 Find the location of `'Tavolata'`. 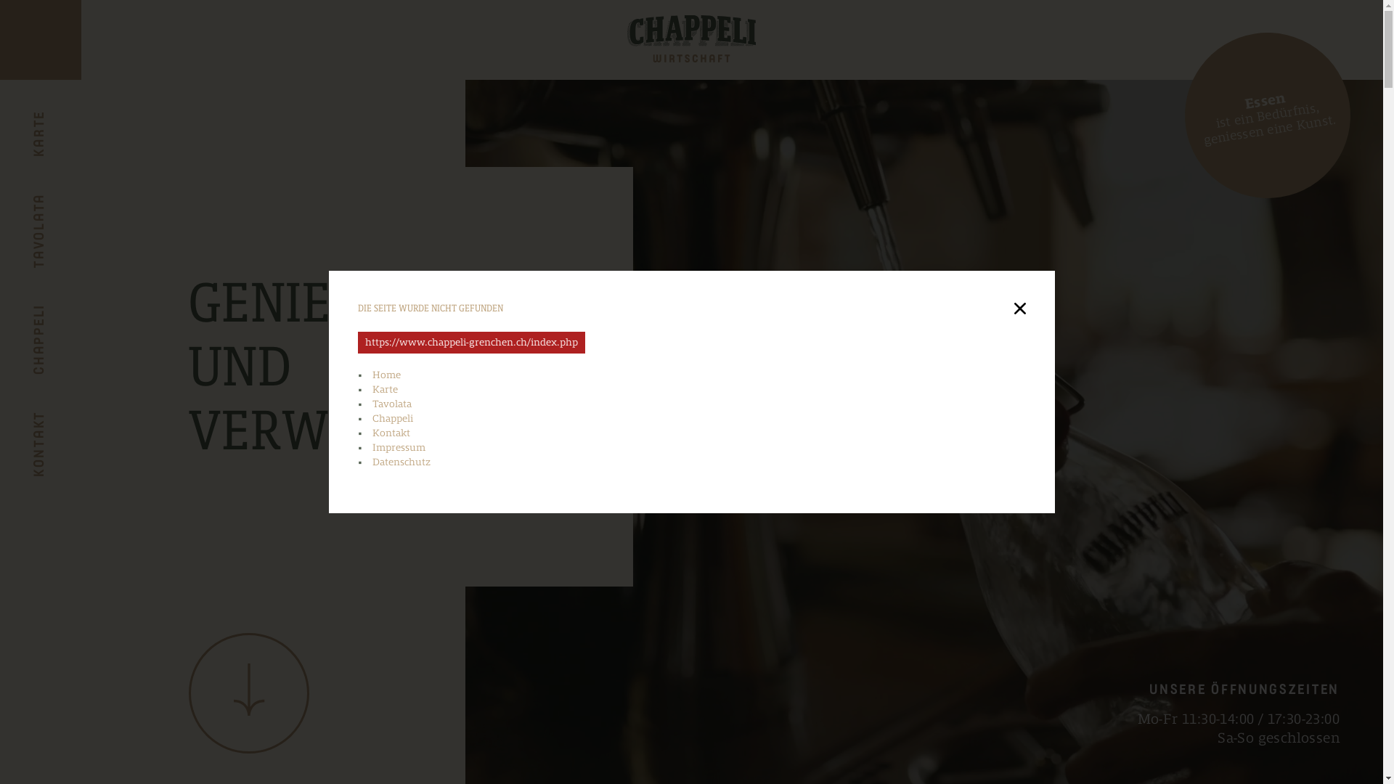

'Tavolata' is located at coordinates (391, 404).